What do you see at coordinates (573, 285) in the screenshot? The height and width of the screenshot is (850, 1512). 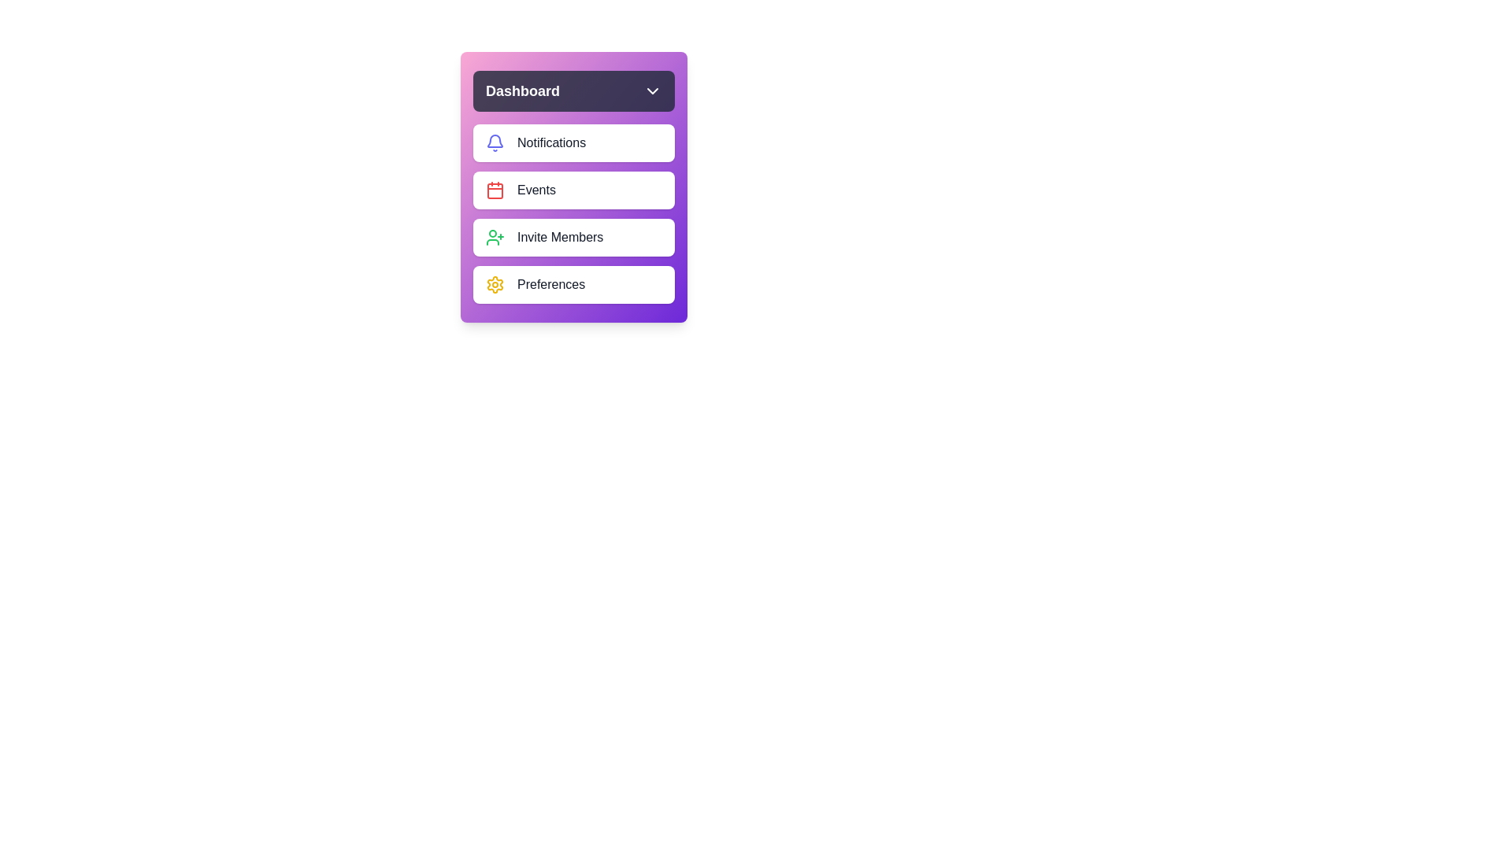 I see `the menu item Preferences` at bounding box center [573, 285].